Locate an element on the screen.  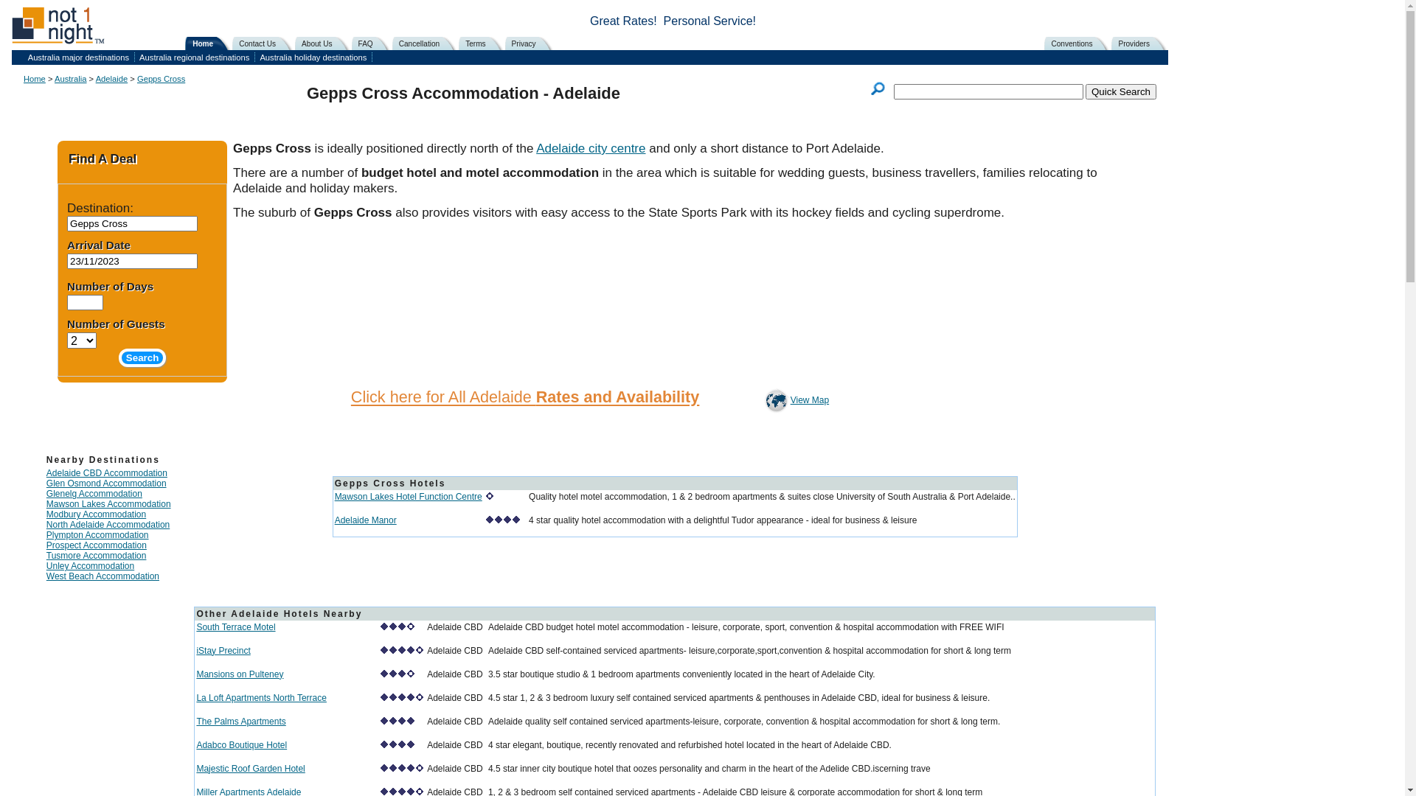
'North Adelaide Accommodation' is located at coordinates (107, 524).